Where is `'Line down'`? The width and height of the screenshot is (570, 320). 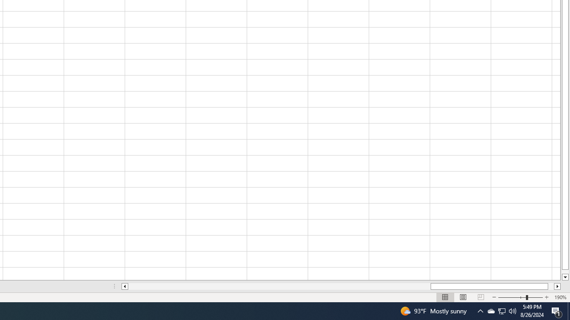 'Line down' is located at coordinates (565, 277).